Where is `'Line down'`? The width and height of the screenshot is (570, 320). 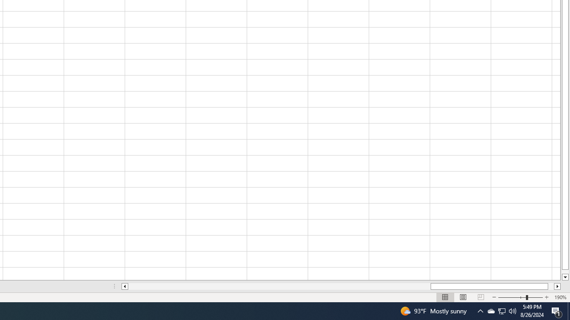 'Line down' is located at coordinates (565, 277).